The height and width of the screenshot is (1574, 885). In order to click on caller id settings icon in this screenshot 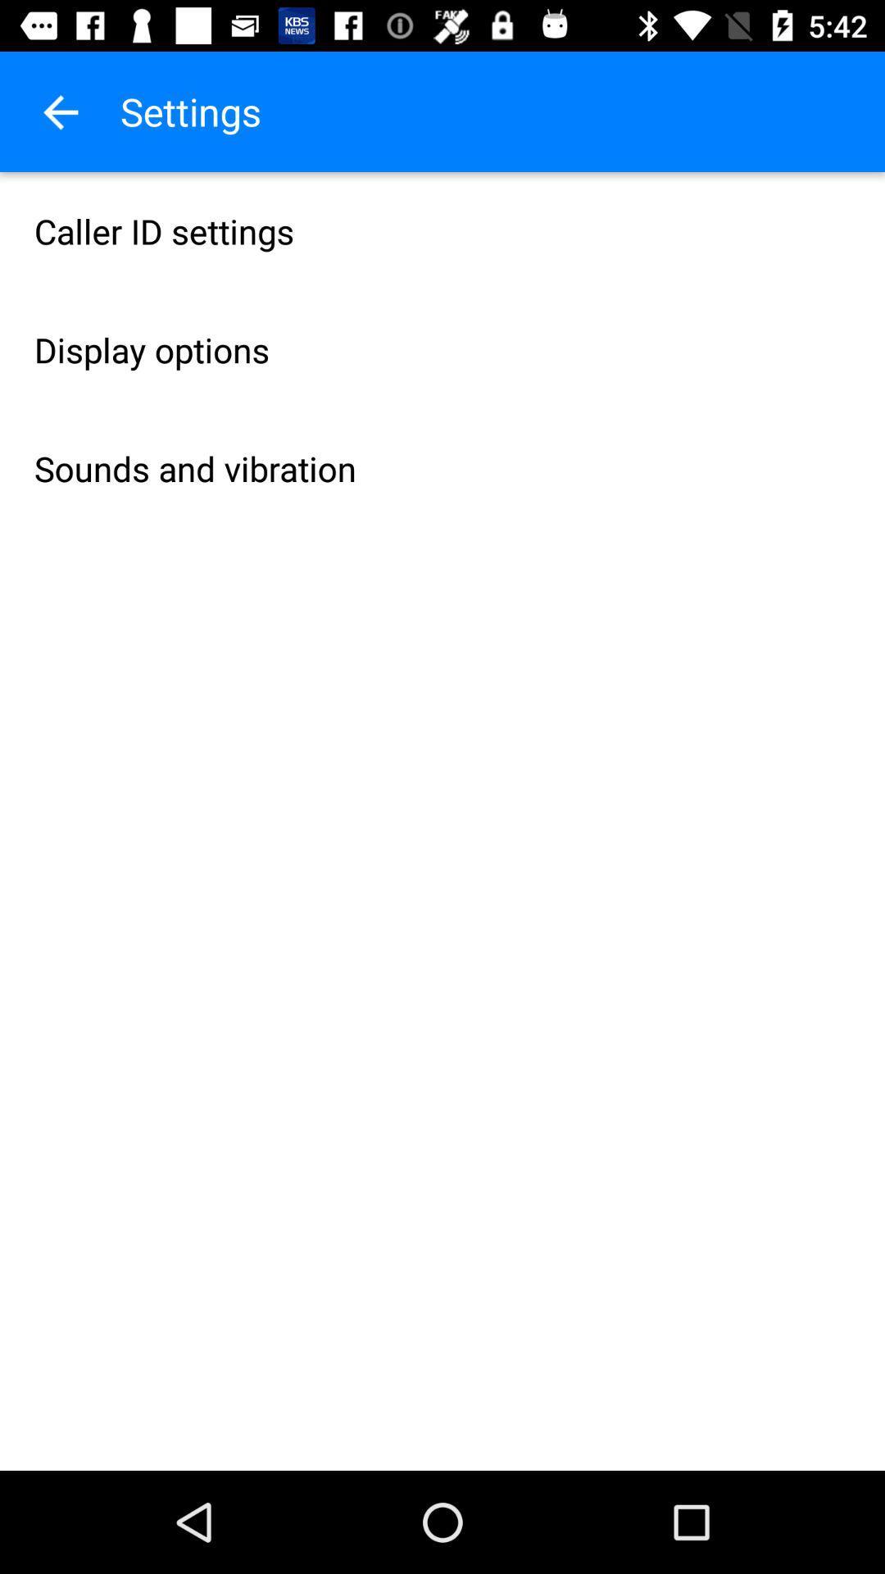, I will do `click(442, 230)`.